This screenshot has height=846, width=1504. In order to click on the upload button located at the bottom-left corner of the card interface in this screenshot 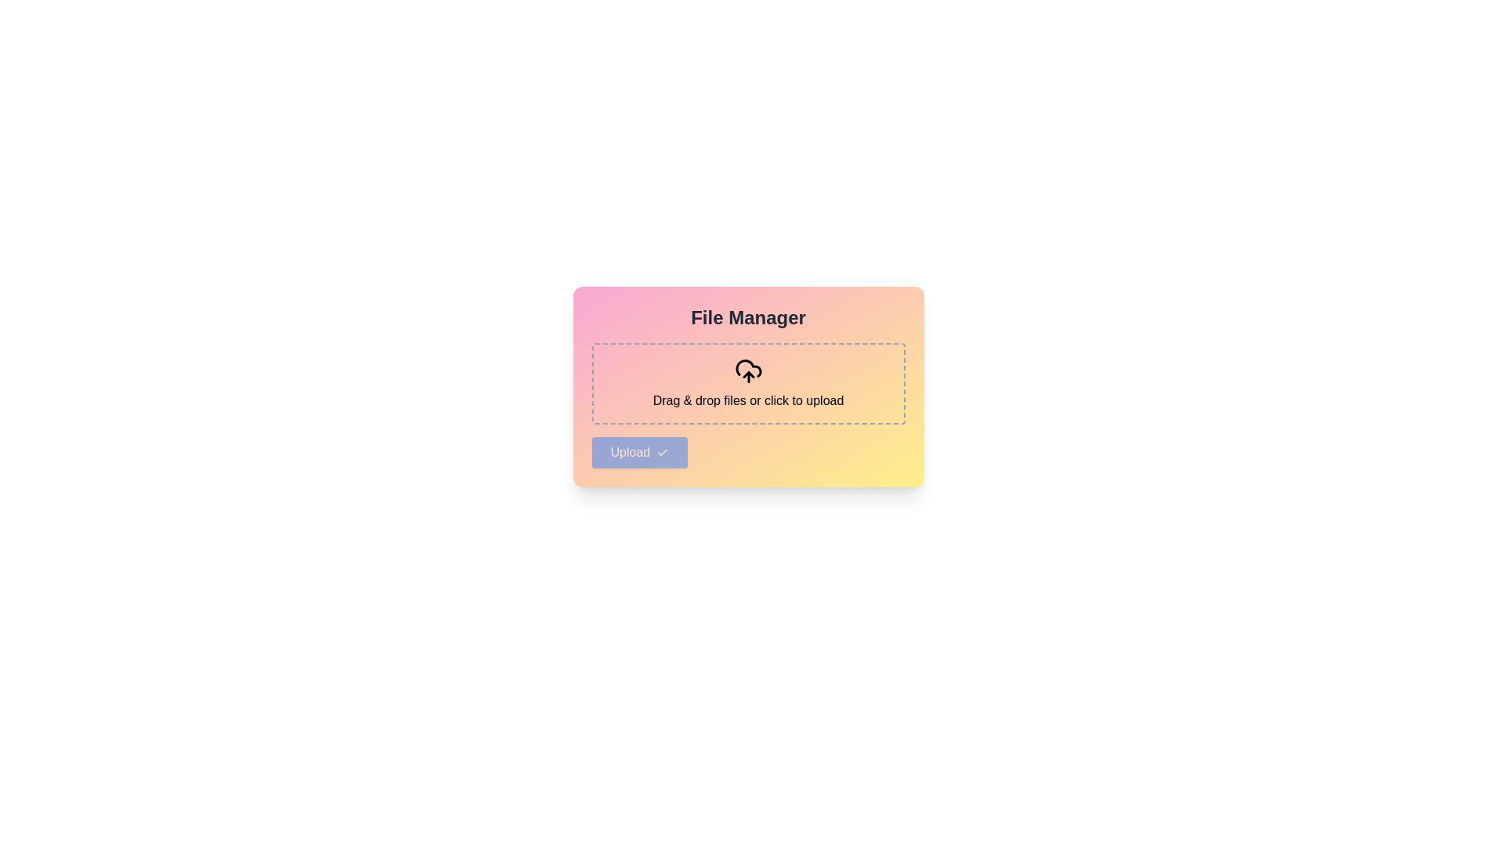, I will do `click(639, 453)`.